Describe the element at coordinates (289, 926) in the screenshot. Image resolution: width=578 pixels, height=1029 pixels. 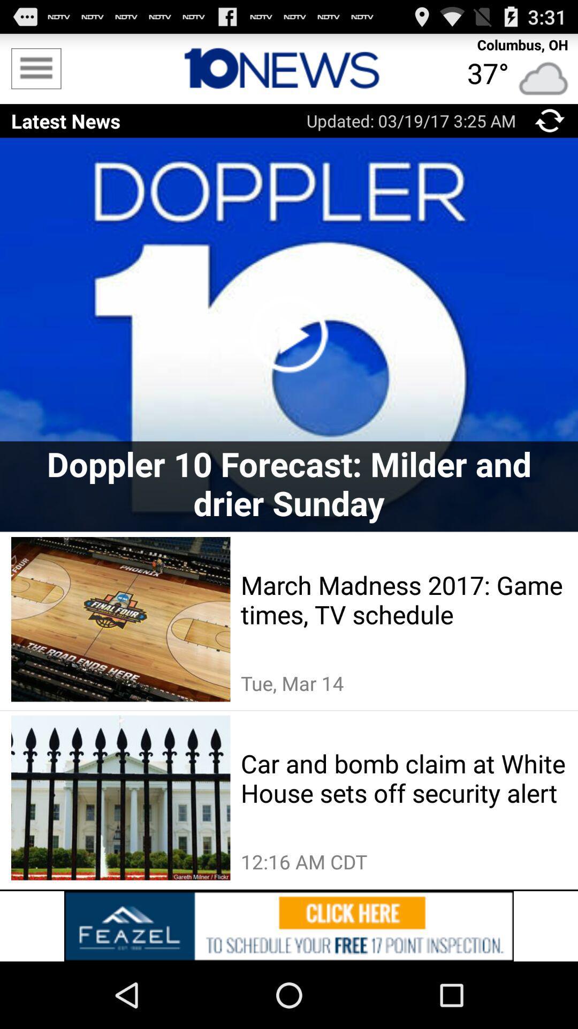
I see `advertisement page` at that location.